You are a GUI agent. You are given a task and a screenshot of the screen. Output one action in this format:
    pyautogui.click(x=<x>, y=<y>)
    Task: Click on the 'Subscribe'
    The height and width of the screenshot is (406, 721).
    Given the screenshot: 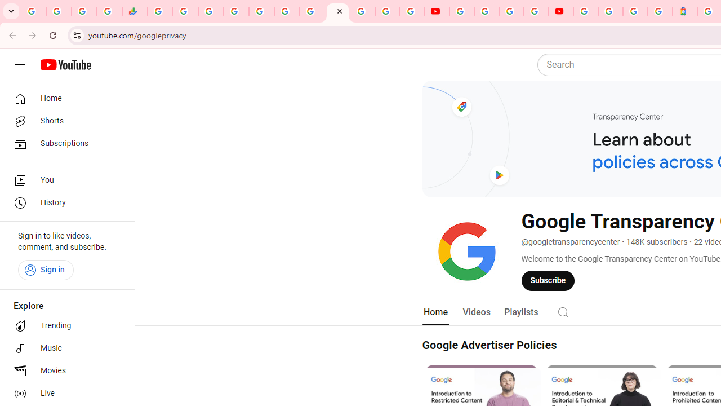 What is the action you would take?
    pyautogui.click(x=548, y=280)
    